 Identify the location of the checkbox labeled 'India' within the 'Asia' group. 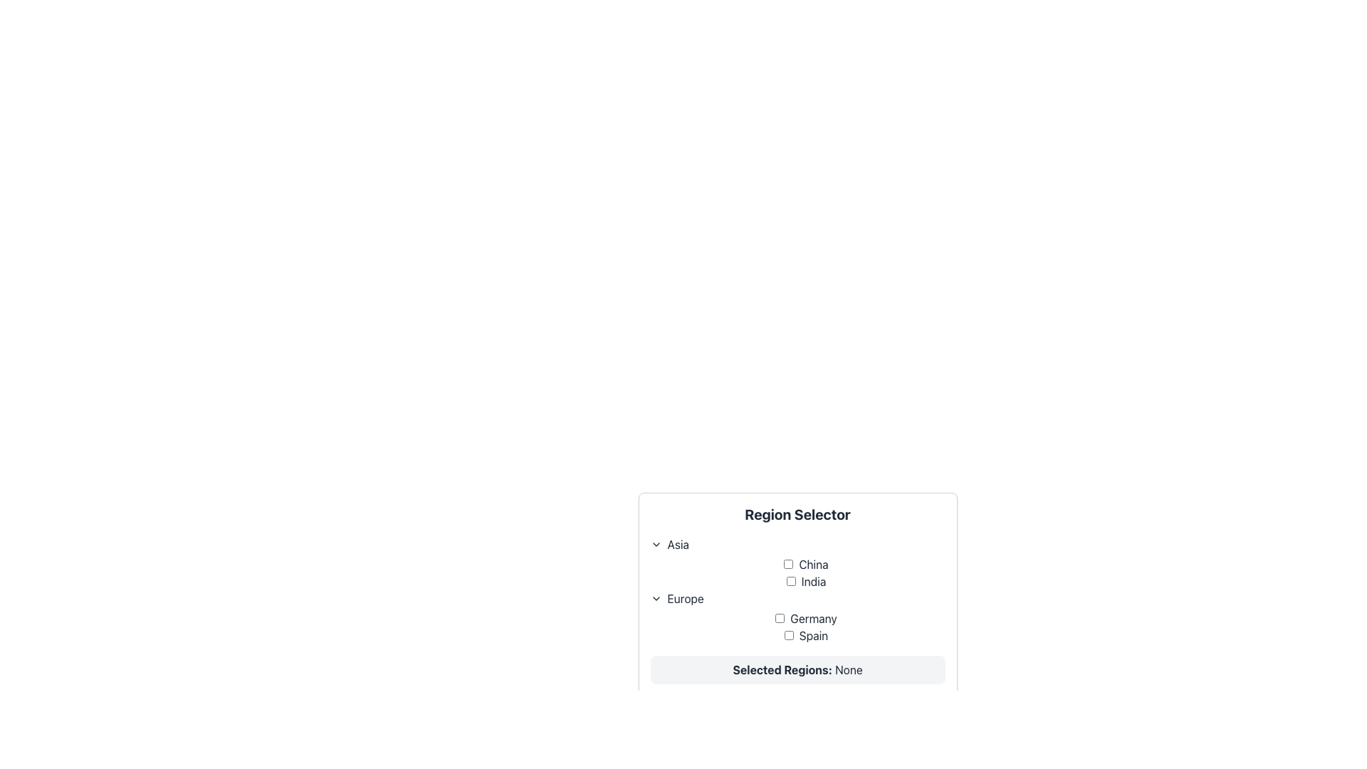
(806, 582).